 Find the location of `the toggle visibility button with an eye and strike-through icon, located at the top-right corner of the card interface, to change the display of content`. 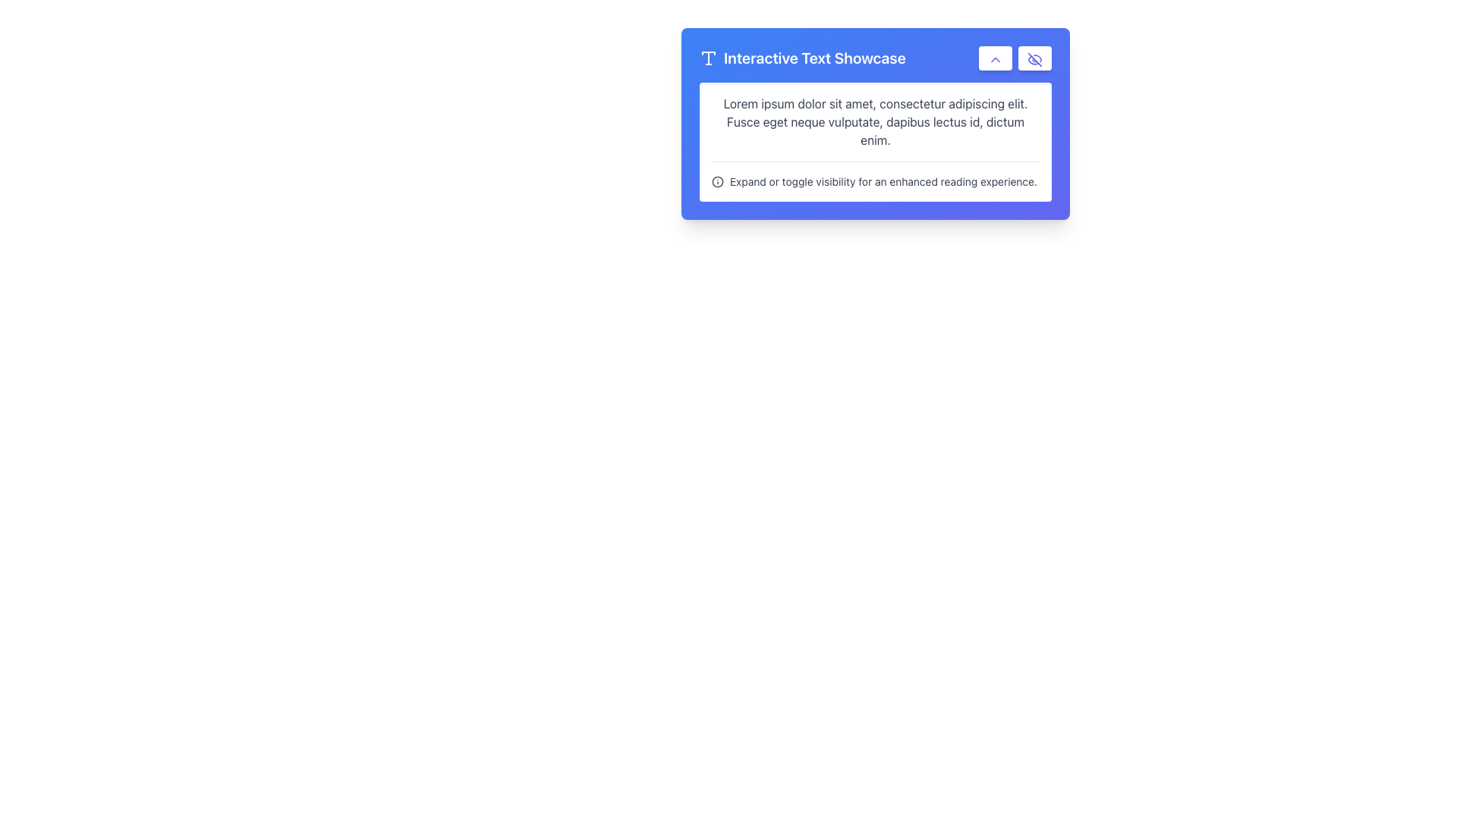

the toggle visibility button with an eye and strike-through icon, located at the top-right corner of the card interface, to change the display of content is located at coordinates (1034, 58).